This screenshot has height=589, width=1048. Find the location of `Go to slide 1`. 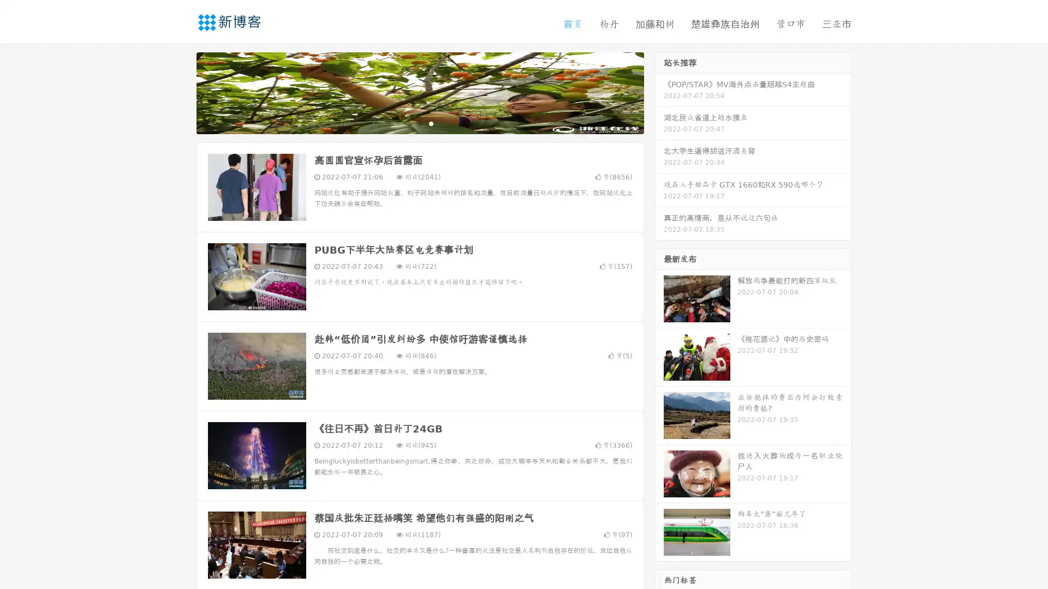

Go to slide 1 is located at coordinates (408, 123).